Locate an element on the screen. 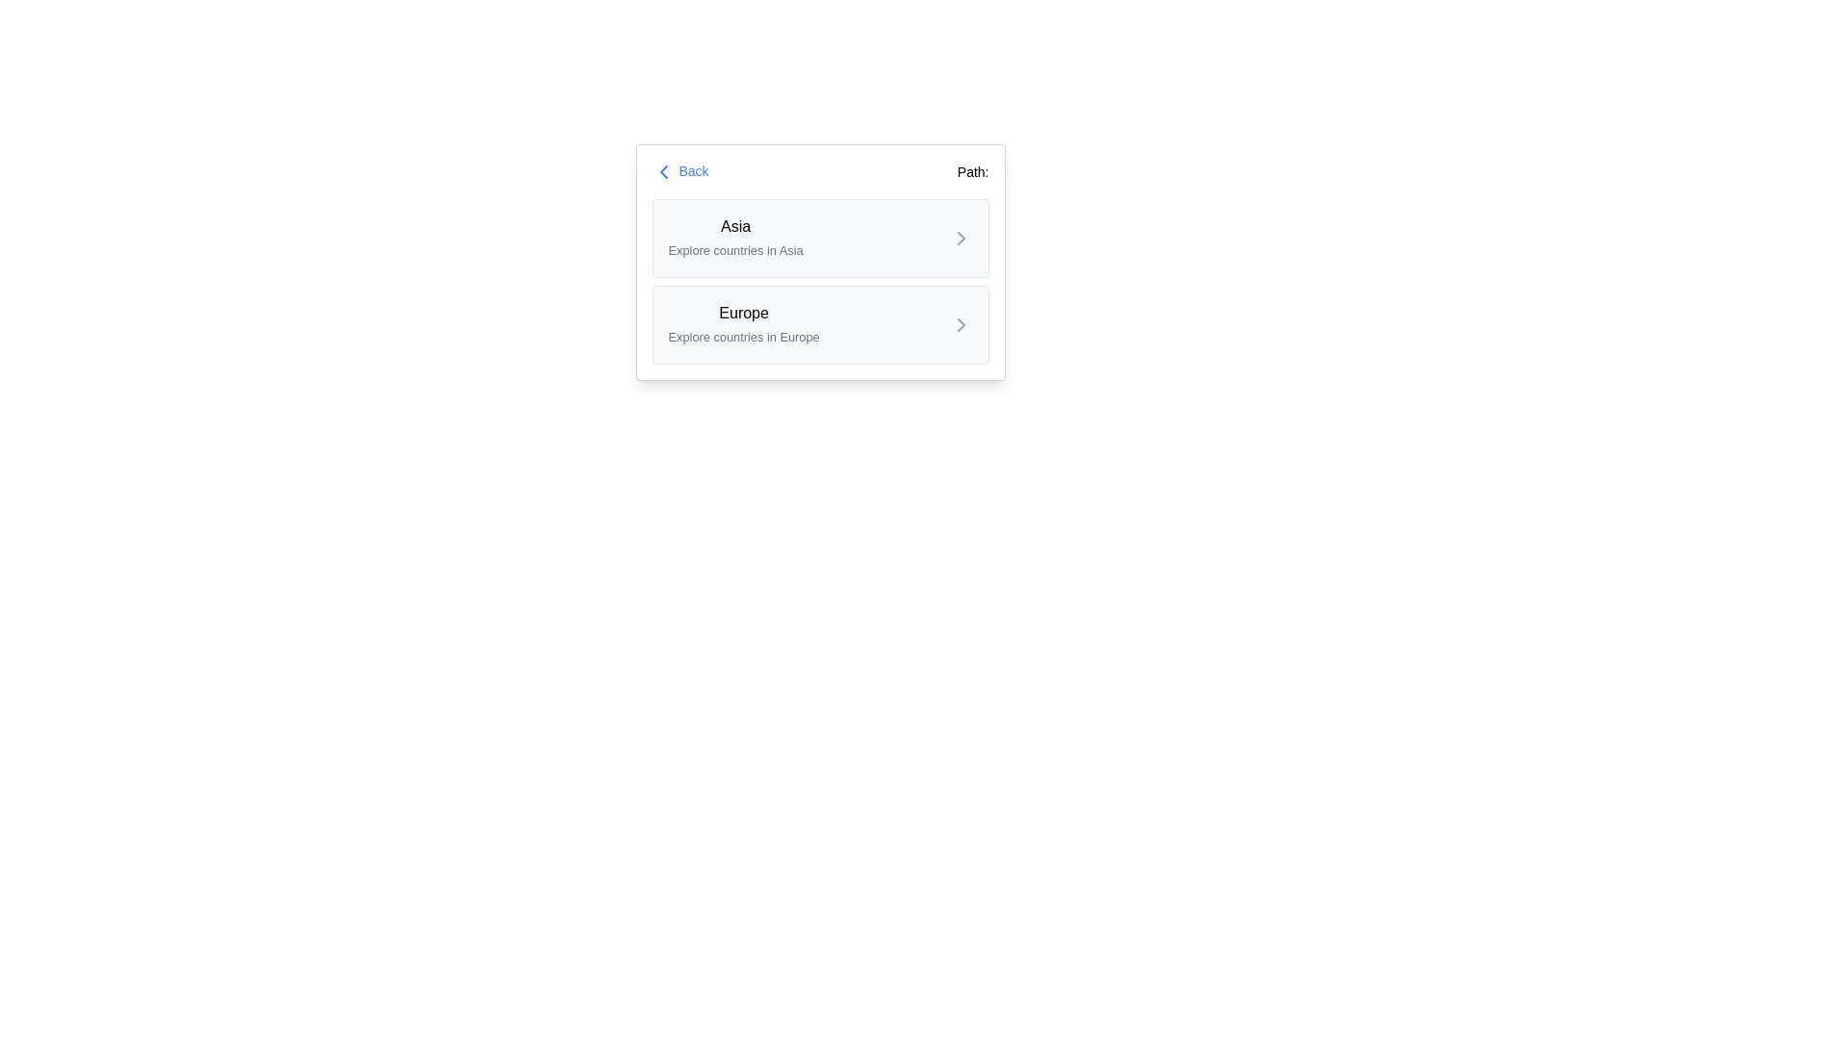  the navigational button-like card for Asia, which is the first item in a vertical list is located at coordinates (820, 237).